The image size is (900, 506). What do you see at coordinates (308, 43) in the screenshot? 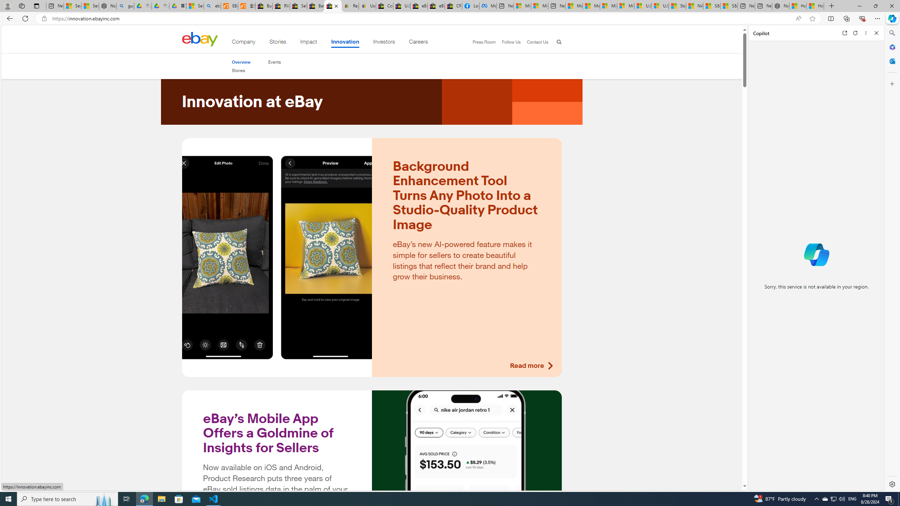
I see `'Impact'` at bounding box center [308, 43].